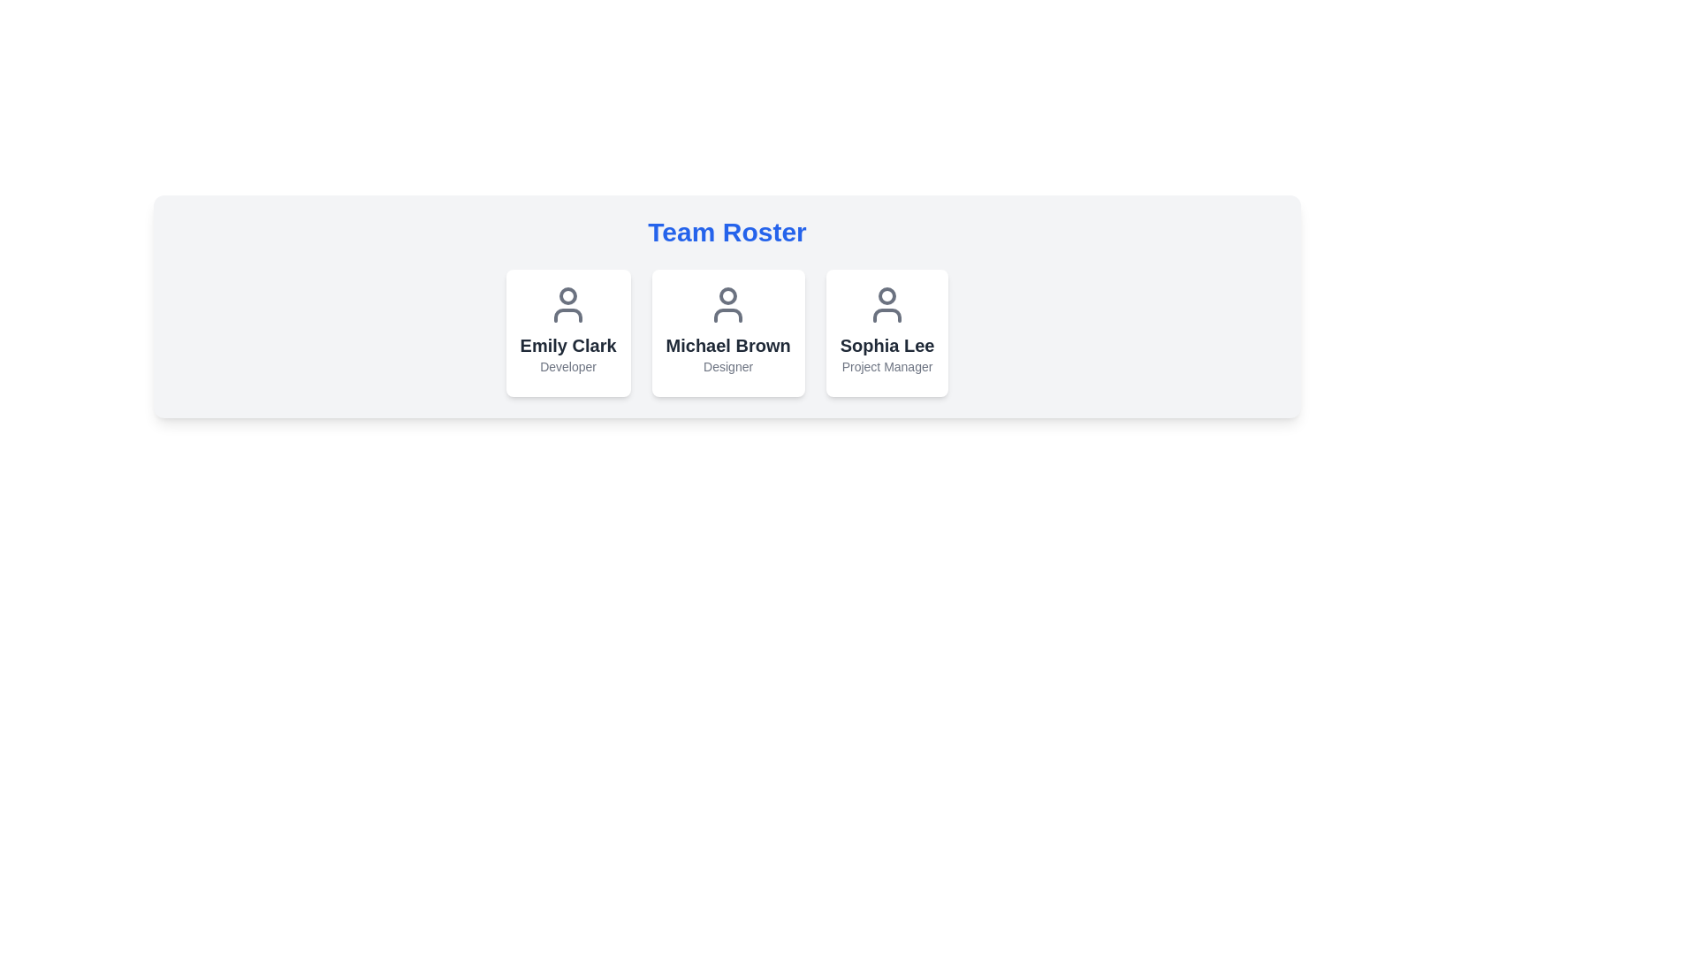  I want to click on the user profile icon representing 'Michael Brown' in the 'Team Roster' section, located above the name and designation, so click(728, 303).